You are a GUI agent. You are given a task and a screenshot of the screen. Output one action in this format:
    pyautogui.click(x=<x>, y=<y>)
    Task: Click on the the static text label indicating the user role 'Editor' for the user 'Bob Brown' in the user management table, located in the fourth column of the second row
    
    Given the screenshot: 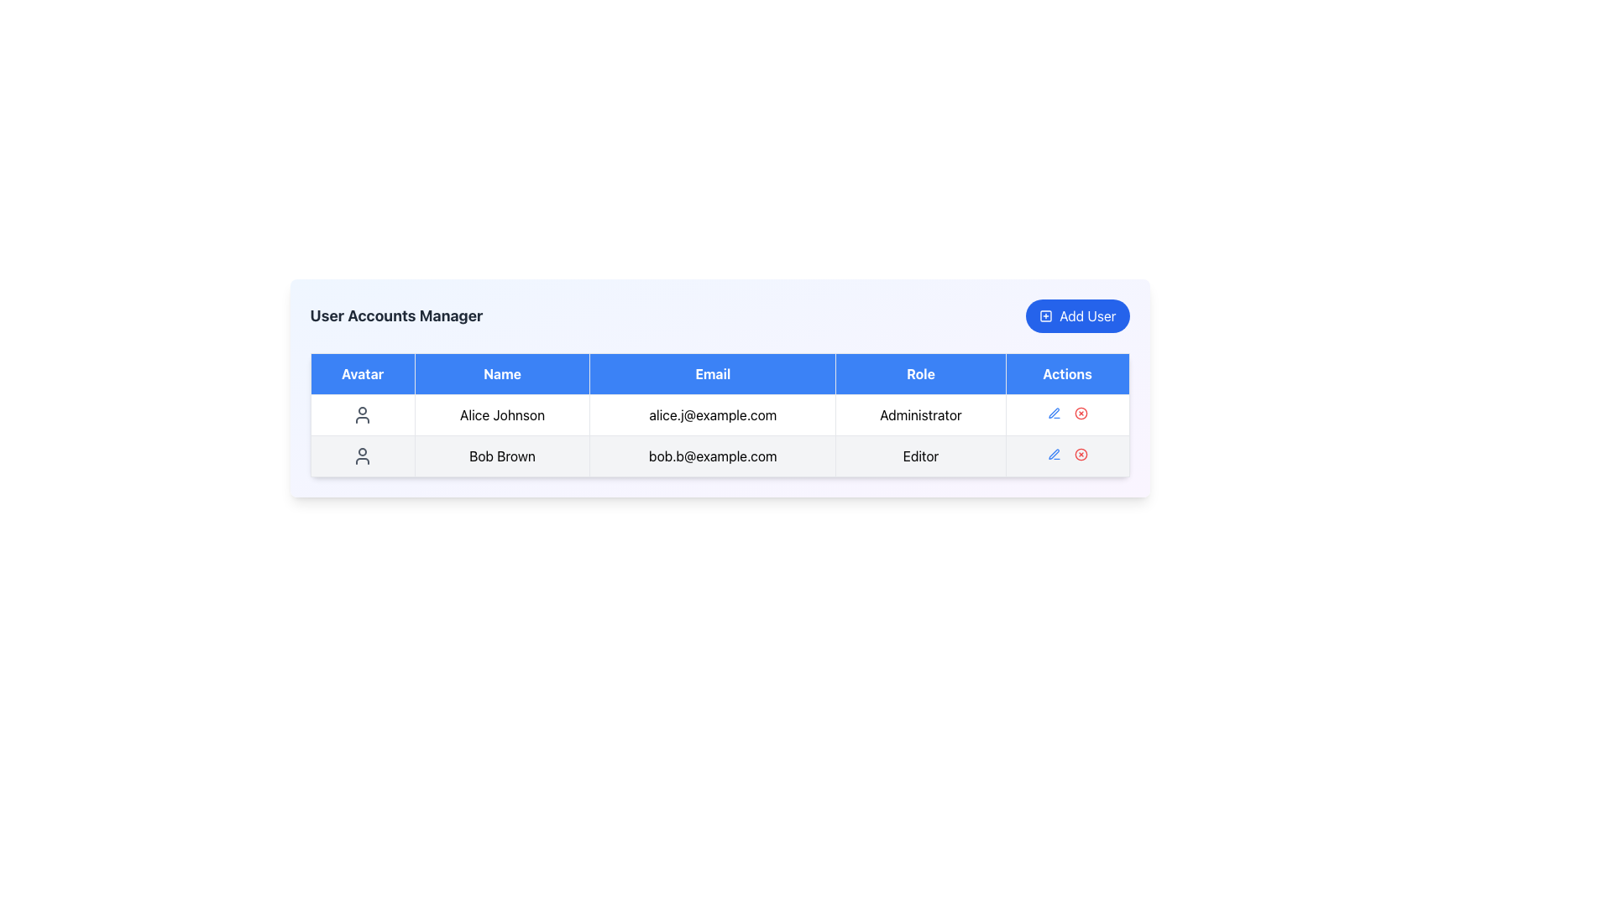 What is the action you would take?
    pyautogui.click(x=919, y=456)
    